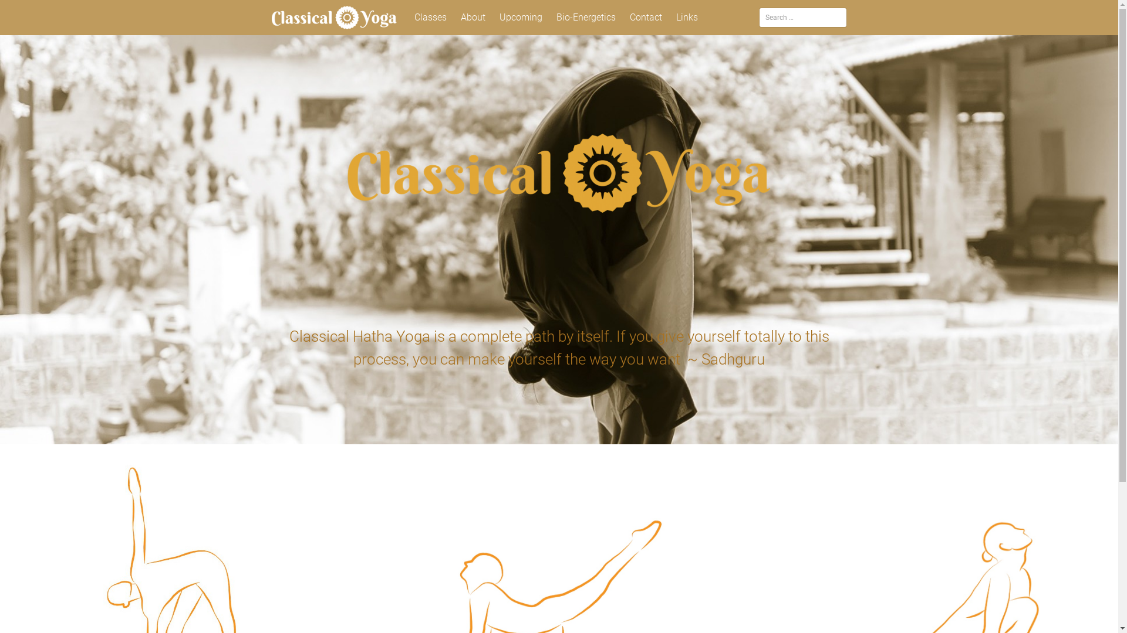 Image resolution: width=1127 pixels, height=633 pixels. What do you see at coordinates (586, 18) in the screenshot?
I see `'Bio-Energetics'` at bounding box center [586, 18].